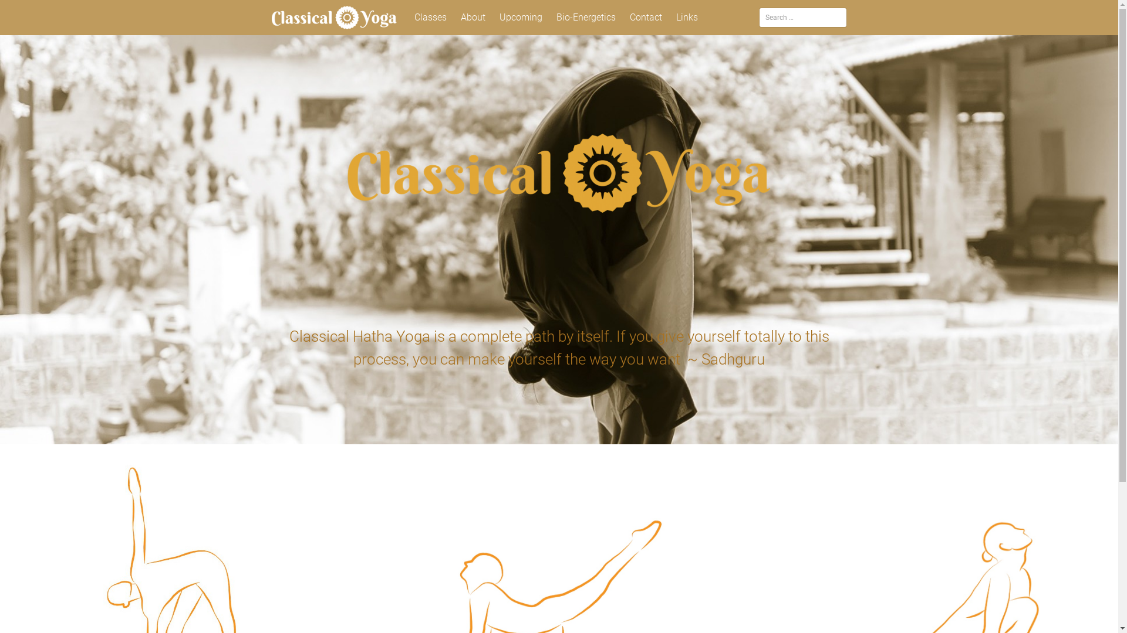 Image resolution: width=1127 pixels, height=633 pixels. What do you see at coordinates (586, 18) in the screenshot?
I see `'Bio-Energetics'` at bounding box center [586, 18].